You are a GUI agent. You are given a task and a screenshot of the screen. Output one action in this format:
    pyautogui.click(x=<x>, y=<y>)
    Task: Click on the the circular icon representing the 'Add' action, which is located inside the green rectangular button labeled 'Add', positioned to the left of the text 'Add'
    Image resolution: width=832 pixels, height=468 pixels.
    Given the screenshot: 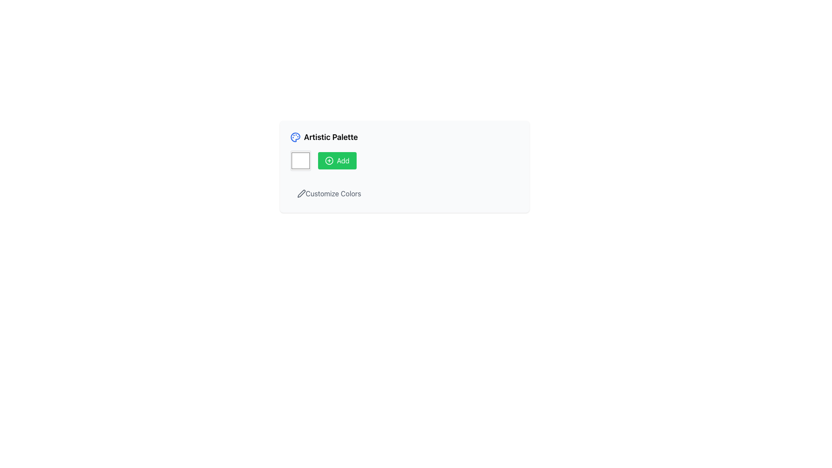 What is the action you would take?
    pyautogui.click(x=328, y=160)
    